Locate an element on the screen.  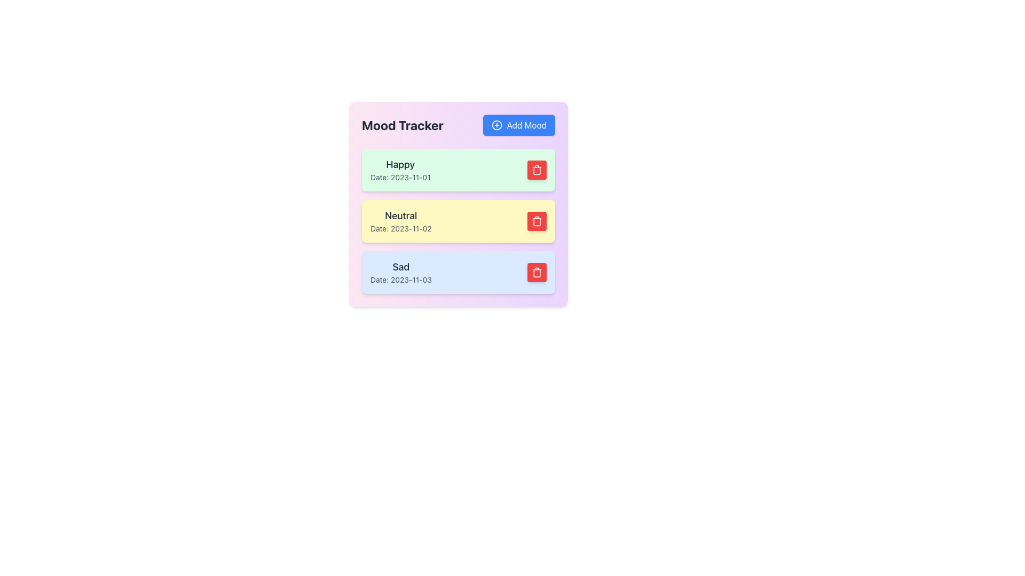
the 'Neutral' text display element, which consists of the text 'Neutral' in a bold font above 'Date: 2023-11-02', located within a yellow background tile in a list of mood entries is located at coordinates (400, 221).